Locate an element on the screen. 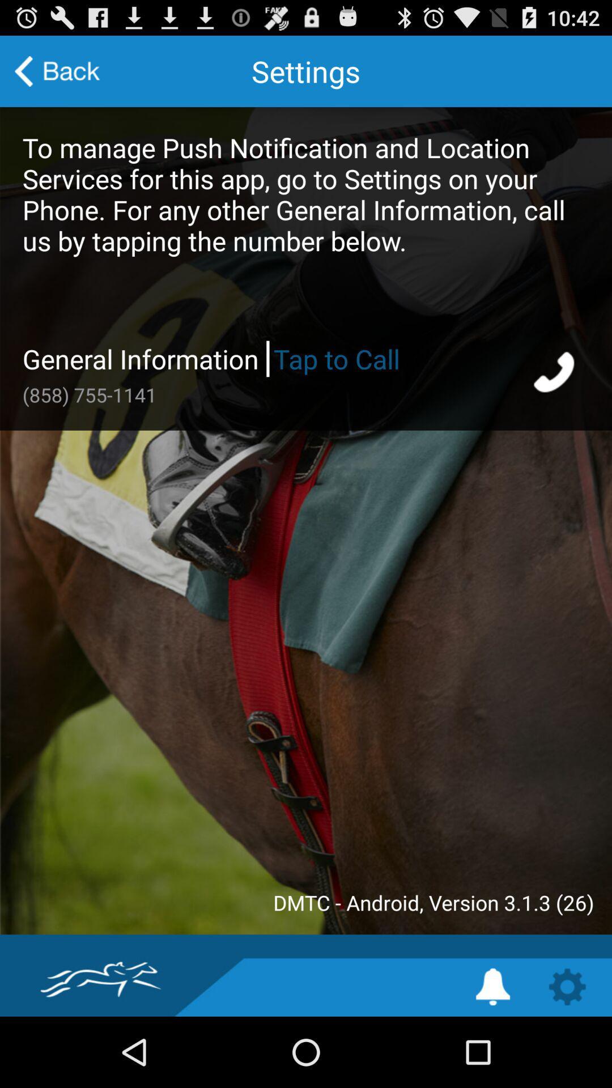  the call icon is located at coordinates (555, 401).